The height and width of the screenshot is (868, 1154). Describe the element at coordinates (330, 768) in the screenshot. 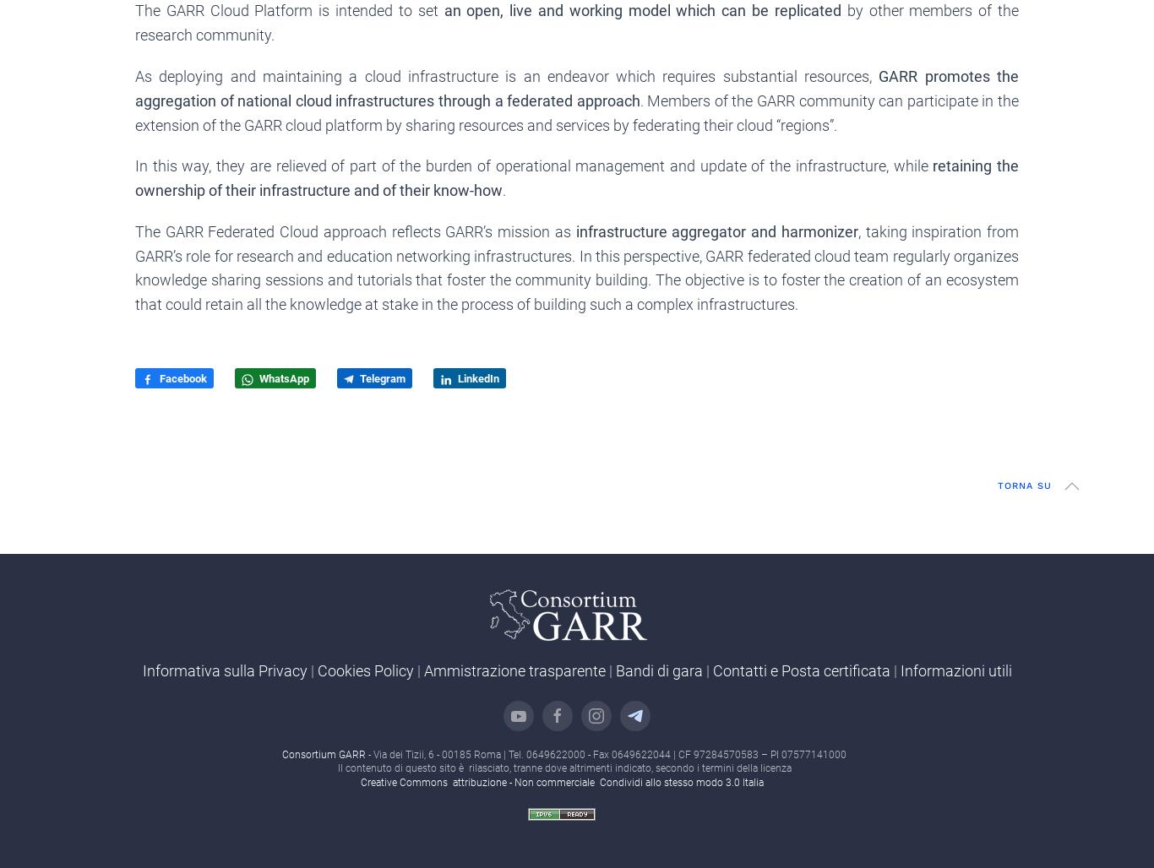

I see `'Il contenuto di questo sito è  rilasciato, tranne dove altrimenti indicato, secondo i termini della licenza'` at that location.